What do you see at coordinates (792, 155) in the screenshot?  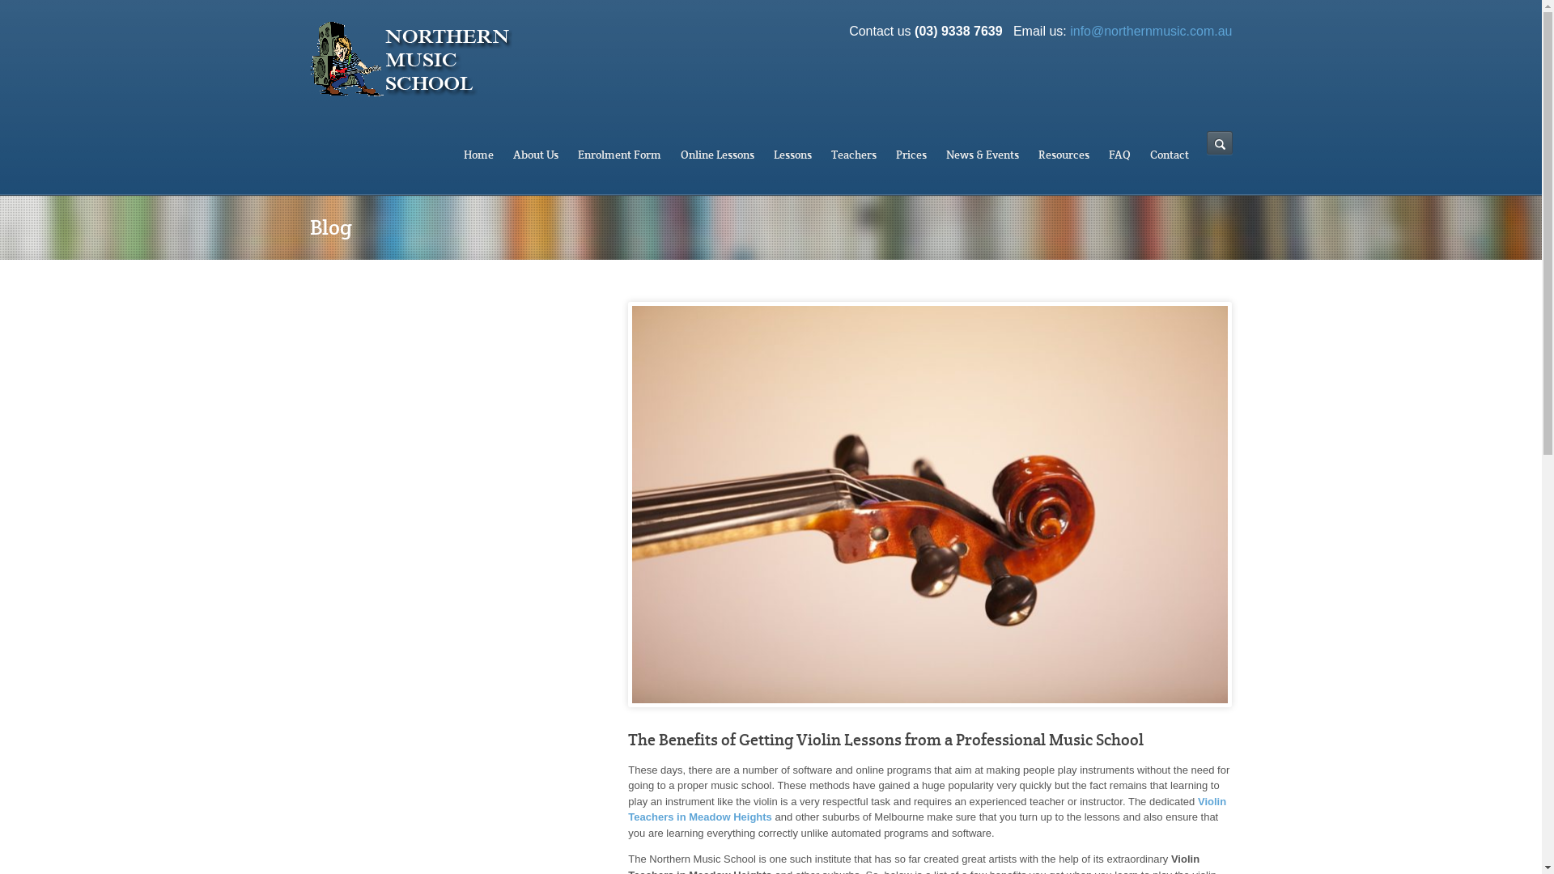 I see `'Lessons'` at bounding box center [792, 155].